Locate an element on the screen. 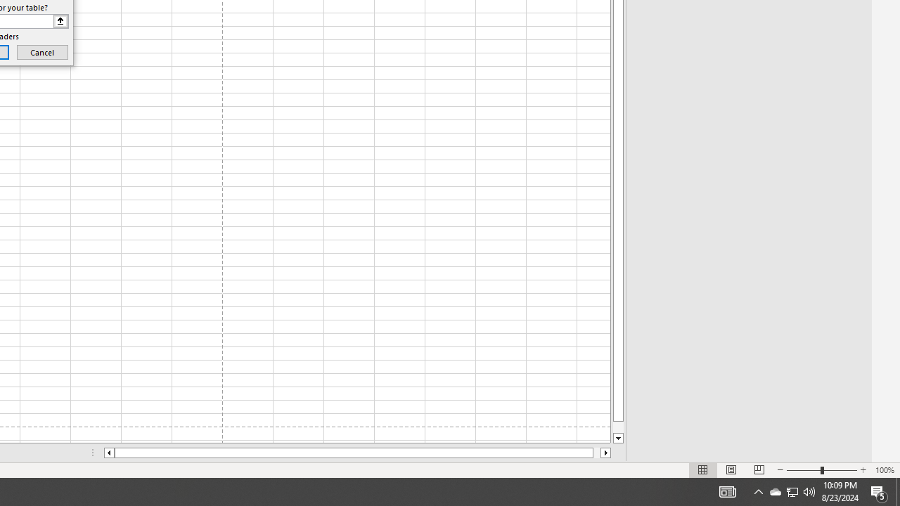 Image resolution: width=900 pixels, height=506 pixels. 'Zoom Out' is located at coordinates (804, 470).